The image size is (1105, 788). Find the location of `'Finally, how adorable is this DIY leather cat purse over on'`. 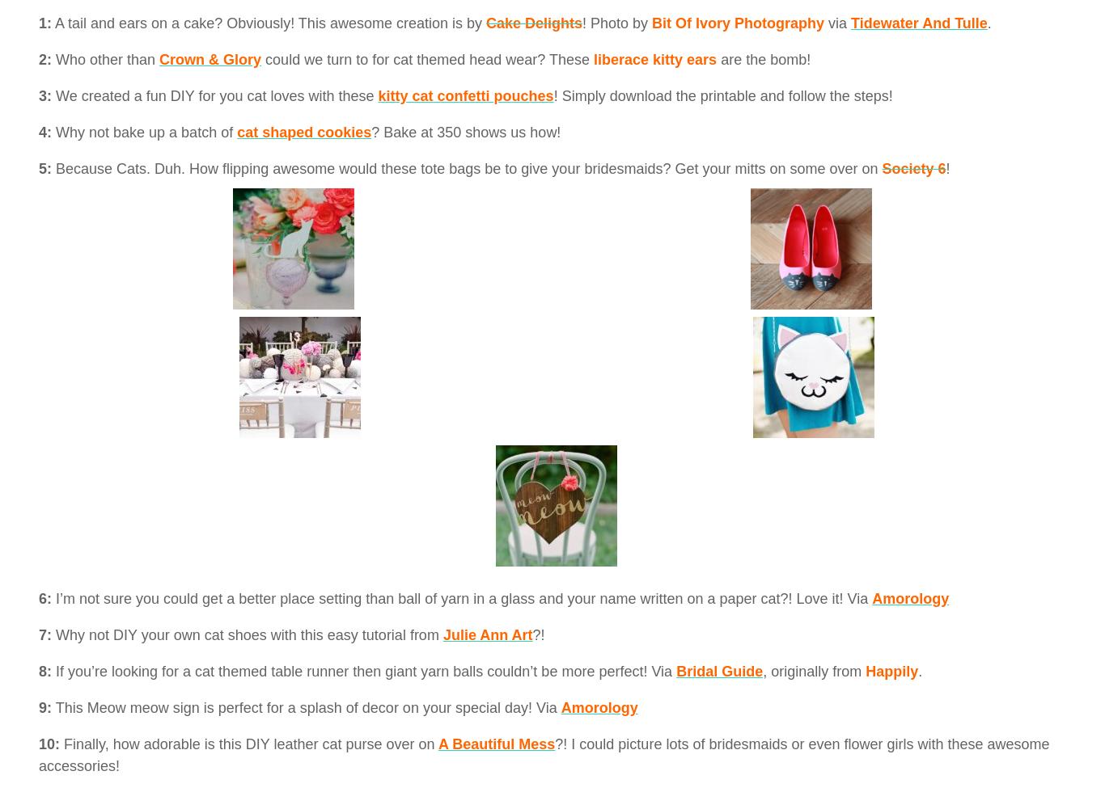

'Finally, how adorable is this DIY leather cat purse over on' is located at coordinates (247, 743).